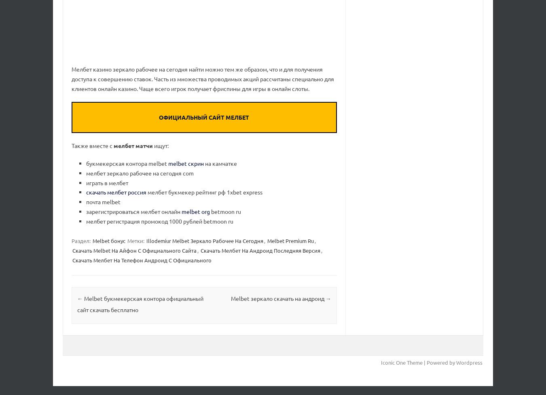 The width and height of the screenshot is (546, 395). I want to click on 'betmoon ru', so click(224, 211).